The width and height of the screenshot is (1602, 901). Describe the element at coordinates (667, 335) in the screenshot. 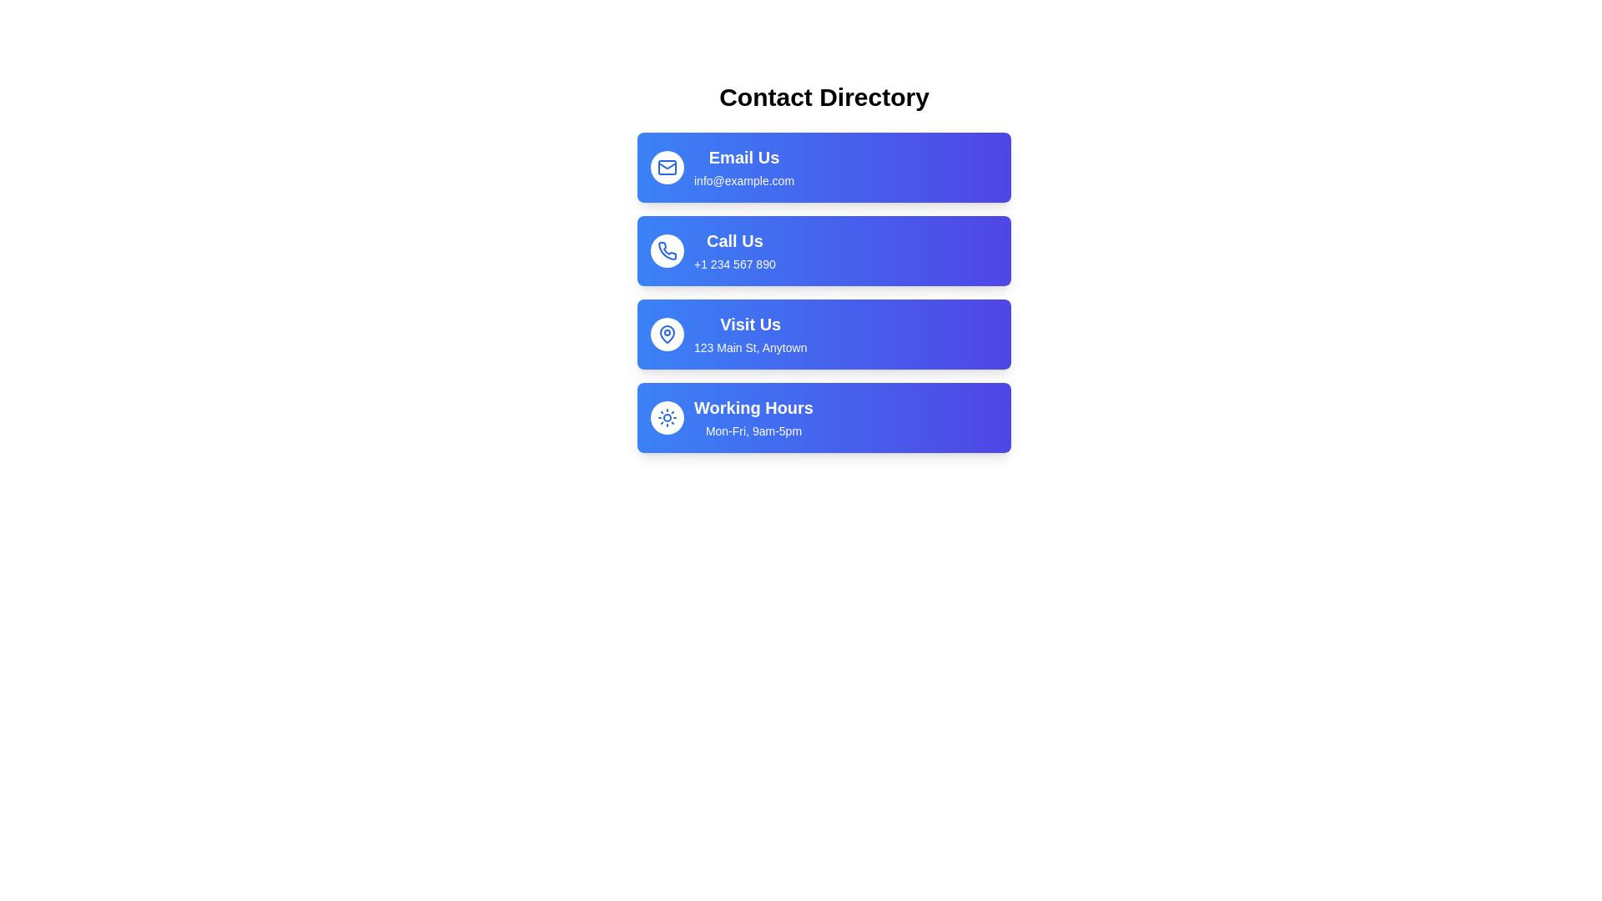

I see `the decorative icon representing the 'Visit Us' card located in the Contact Directory section, positioned to the left of the text 'Visit Us' and '123 Main St, Anytown'` at that location.